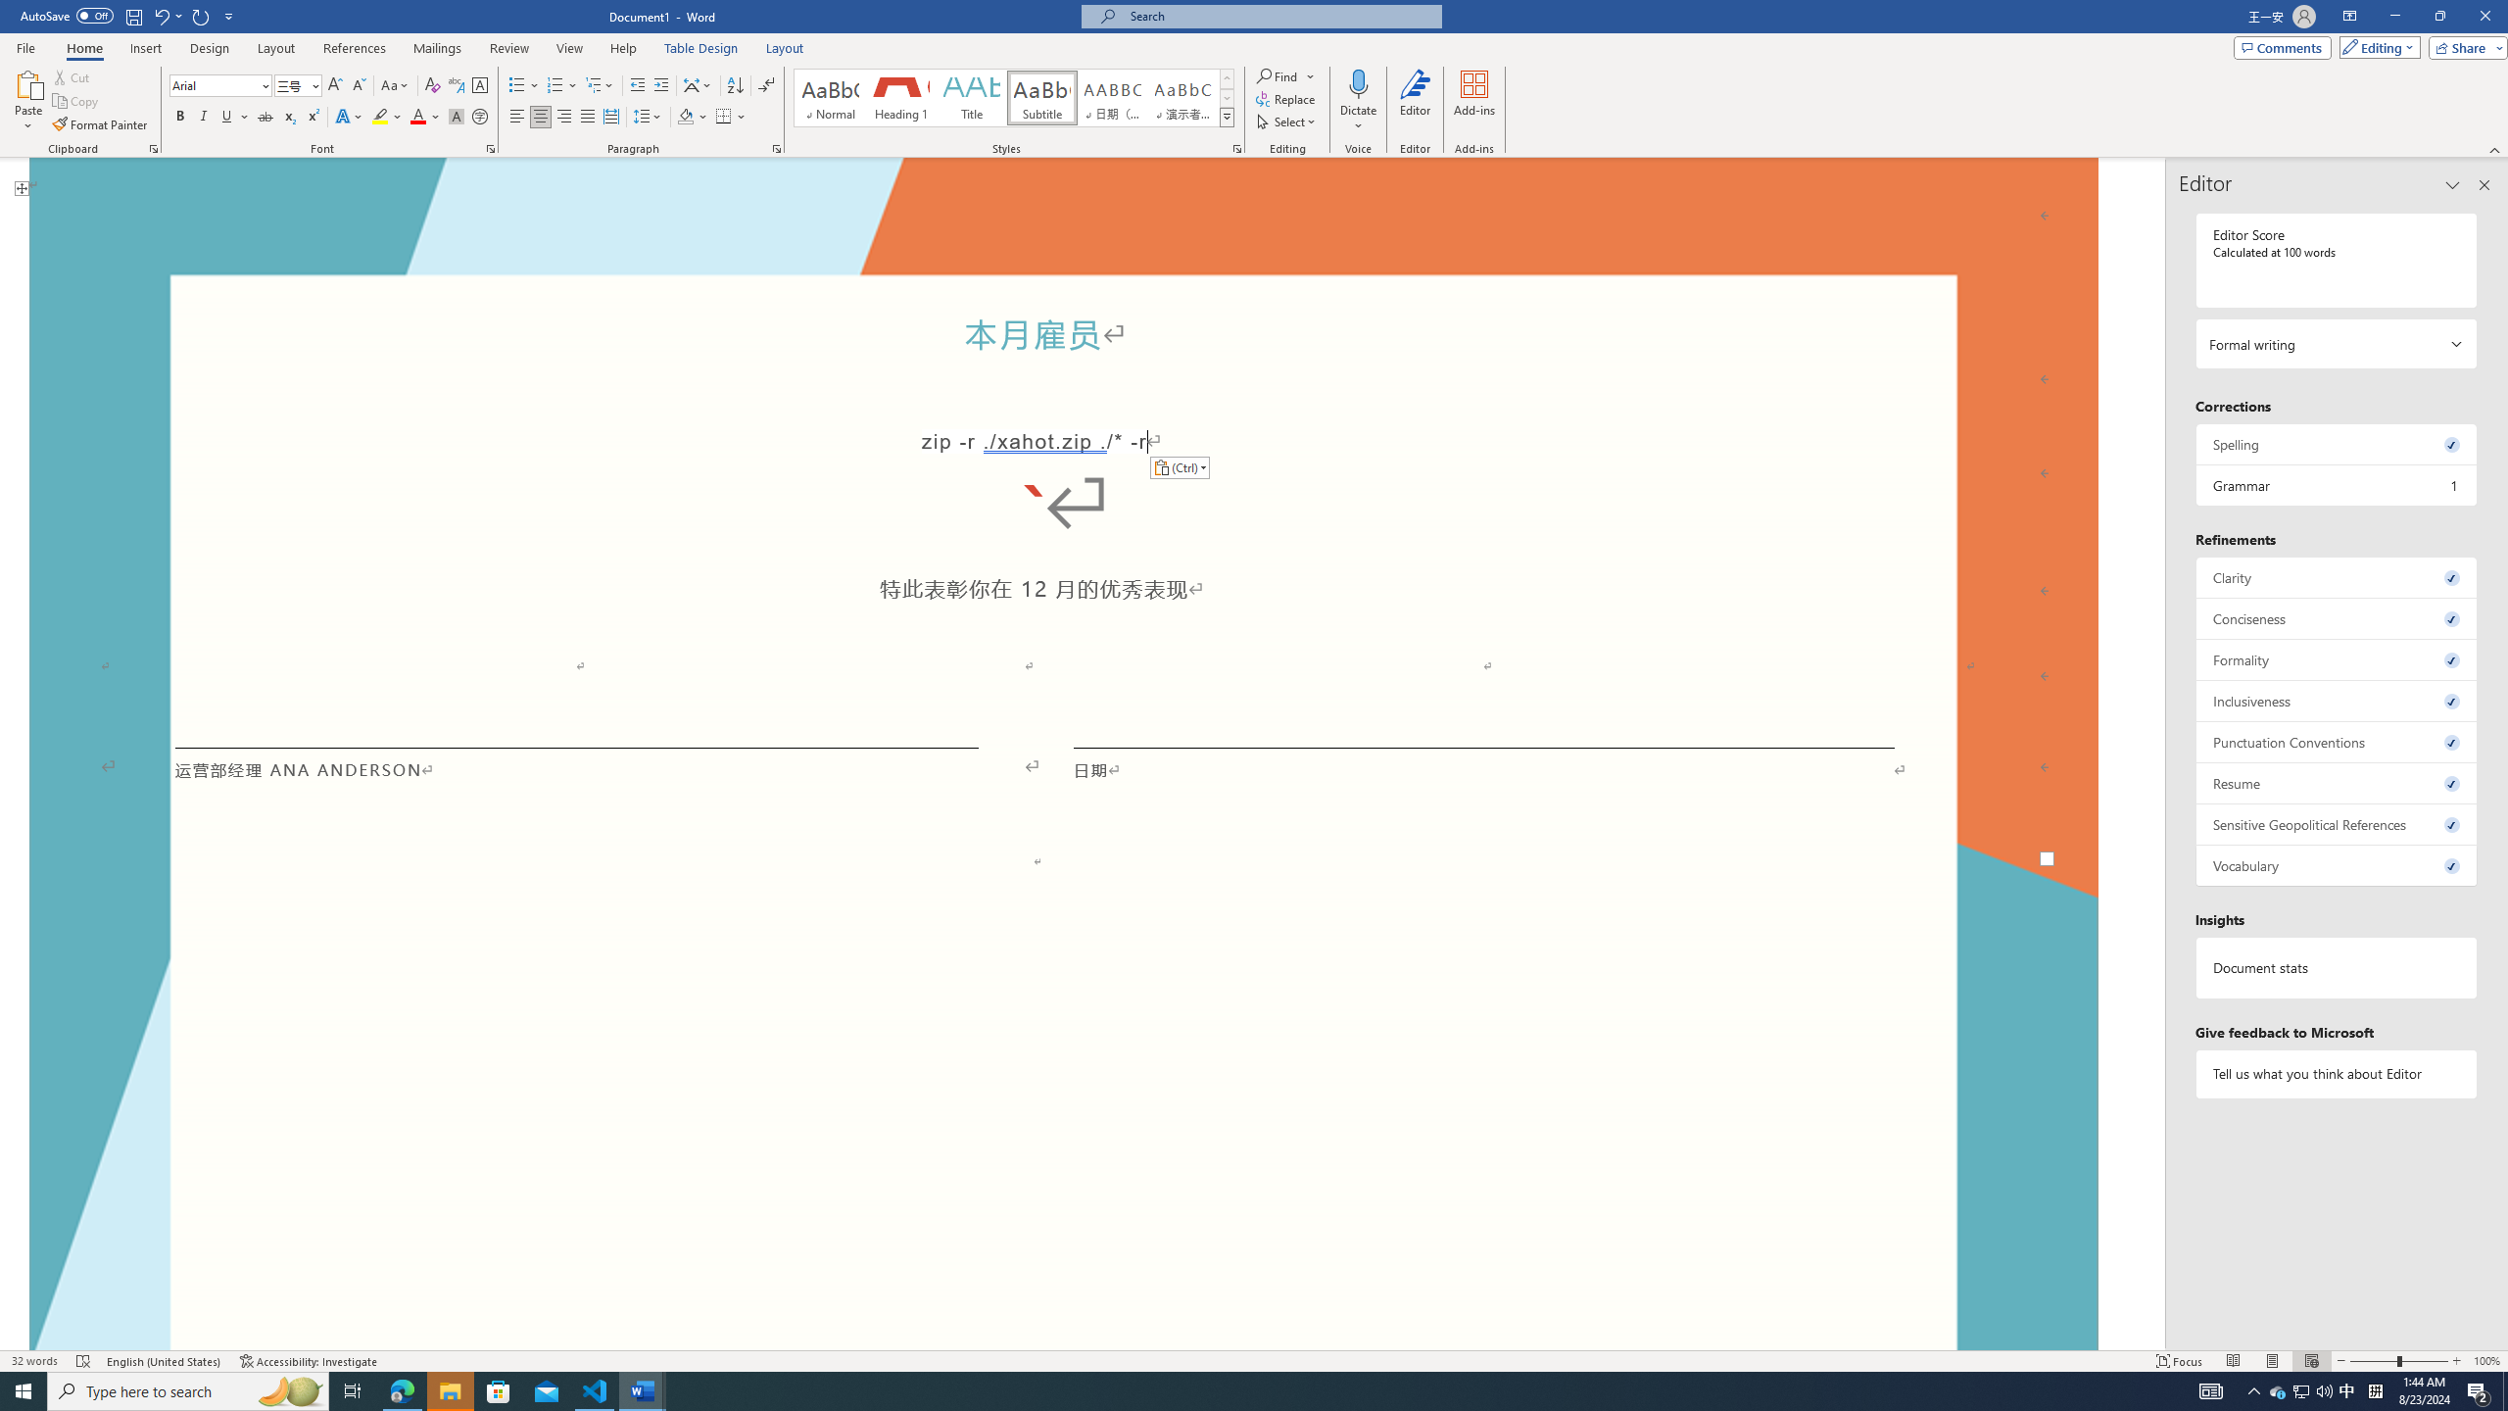 The height and width of the screenshot is (1411, 2508). Describe the element at coordinates (379, 116) in the screenshot. I see `'Text Highlight Color Yellow'` at that location.